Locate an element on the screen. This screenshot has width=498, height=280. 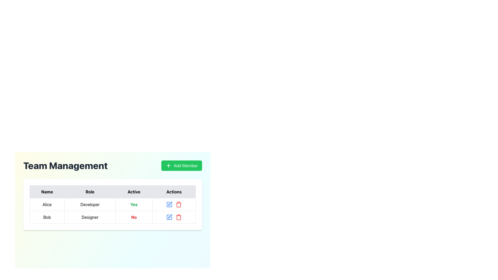
the blue square button with a pen icon in the 'Actions' column for the row labeled 'Bob' is located at coordinates (169, 217).